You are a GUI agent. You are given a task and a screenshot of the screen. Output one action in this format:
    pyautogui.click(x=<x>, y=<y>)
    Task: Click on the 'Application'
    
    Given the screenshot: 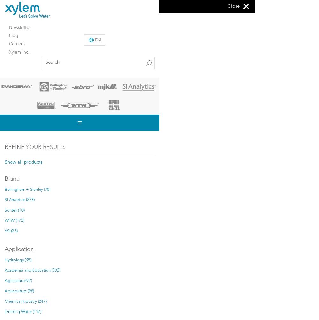 What is the action you would take?
    pyautogui.click(x=19, y=249)
    